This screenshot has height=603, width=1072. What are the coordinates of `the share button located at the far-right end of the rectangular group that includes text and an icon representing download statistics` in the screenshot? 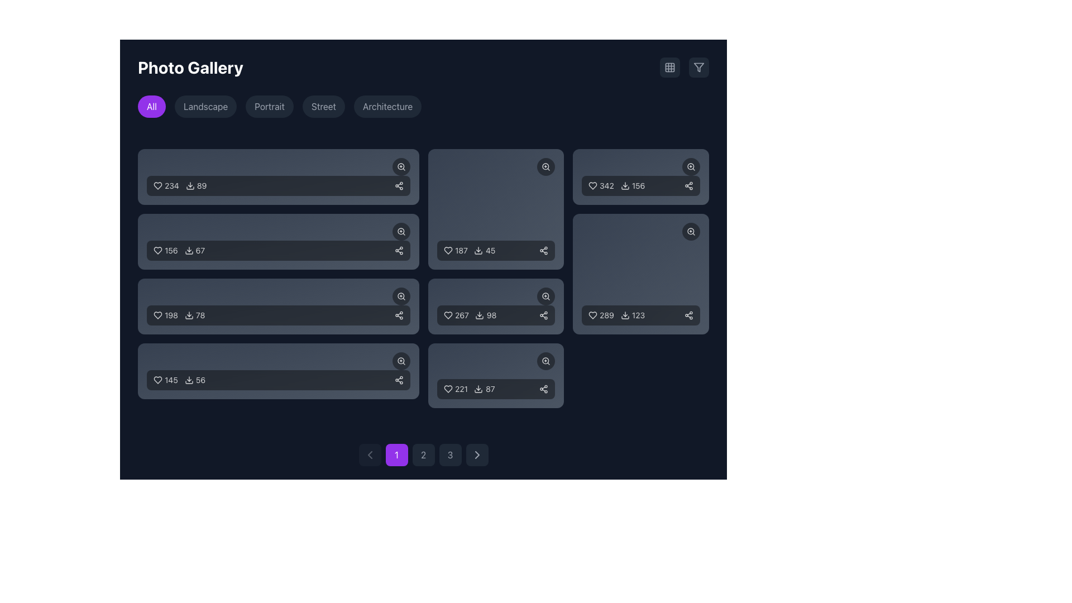 It's located at (399, 185).